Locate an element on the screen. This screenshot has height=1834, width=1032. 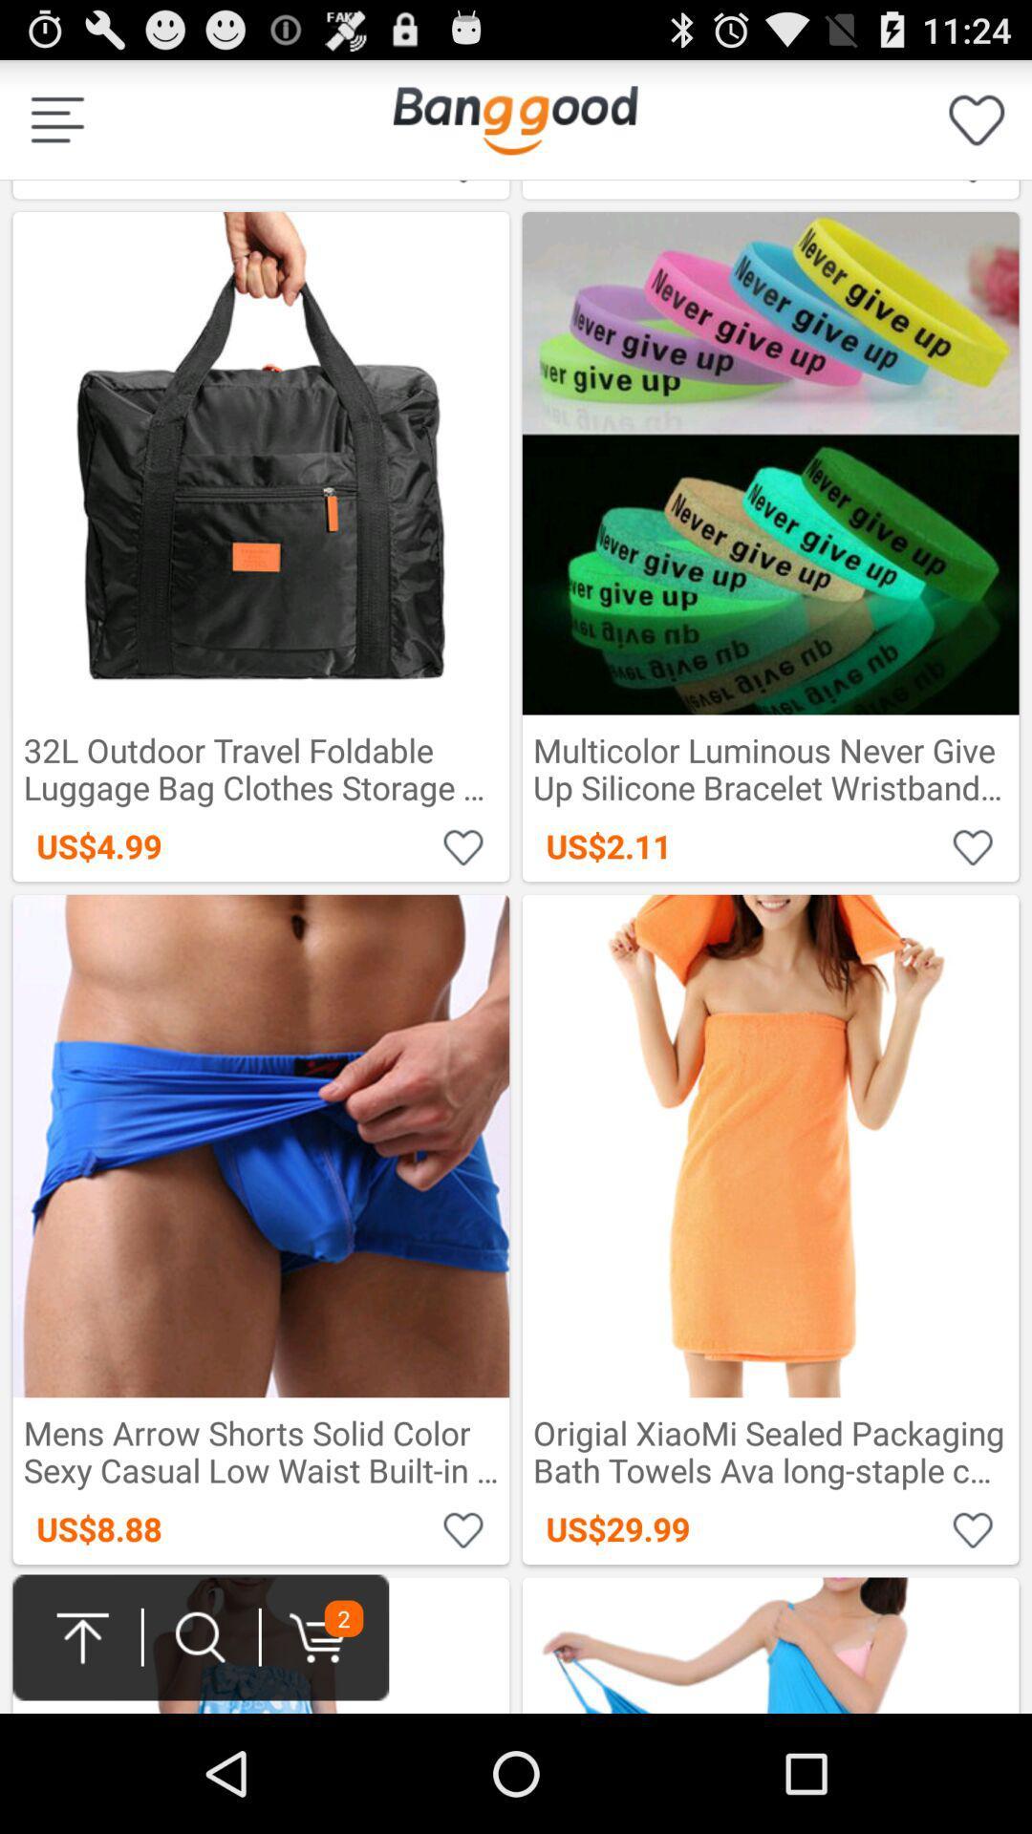
like this product is located at coordinates (463, 1528).